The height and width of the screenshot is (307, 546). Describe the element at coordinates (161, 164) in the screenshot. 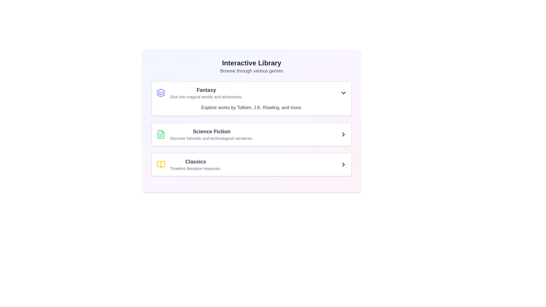

I see `the 'Classics' icon in the 'Interactive Library' section` at that location.